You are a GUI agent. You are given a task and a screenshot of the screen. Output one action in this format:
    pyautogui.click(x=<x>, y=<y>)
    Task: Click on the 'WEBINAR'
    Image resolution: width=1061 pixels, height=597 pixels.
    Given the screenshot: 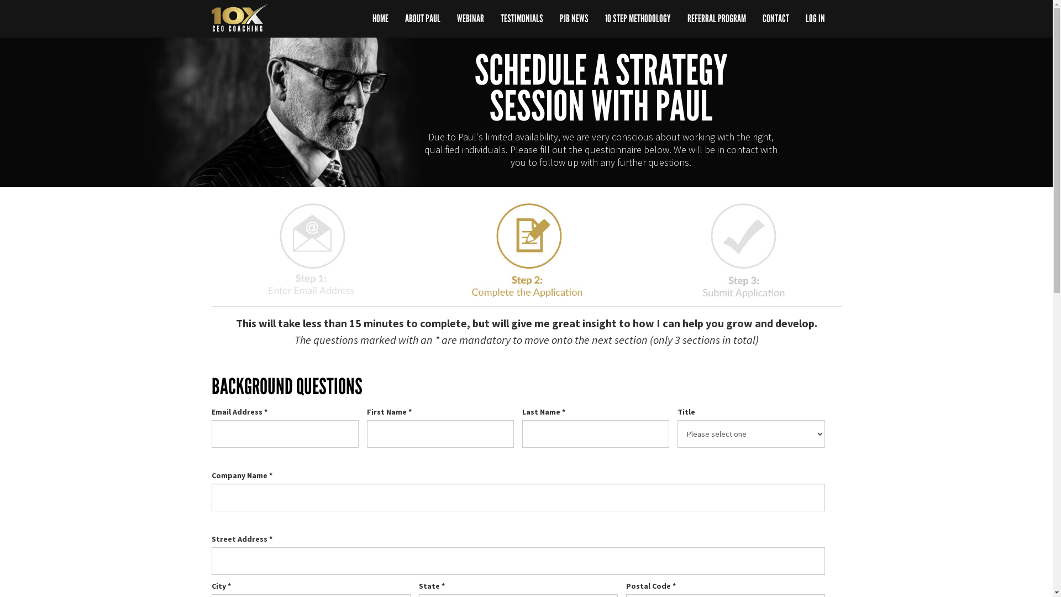 What is the action you would take?
    pyautogui.click(x=470, y=19)
    